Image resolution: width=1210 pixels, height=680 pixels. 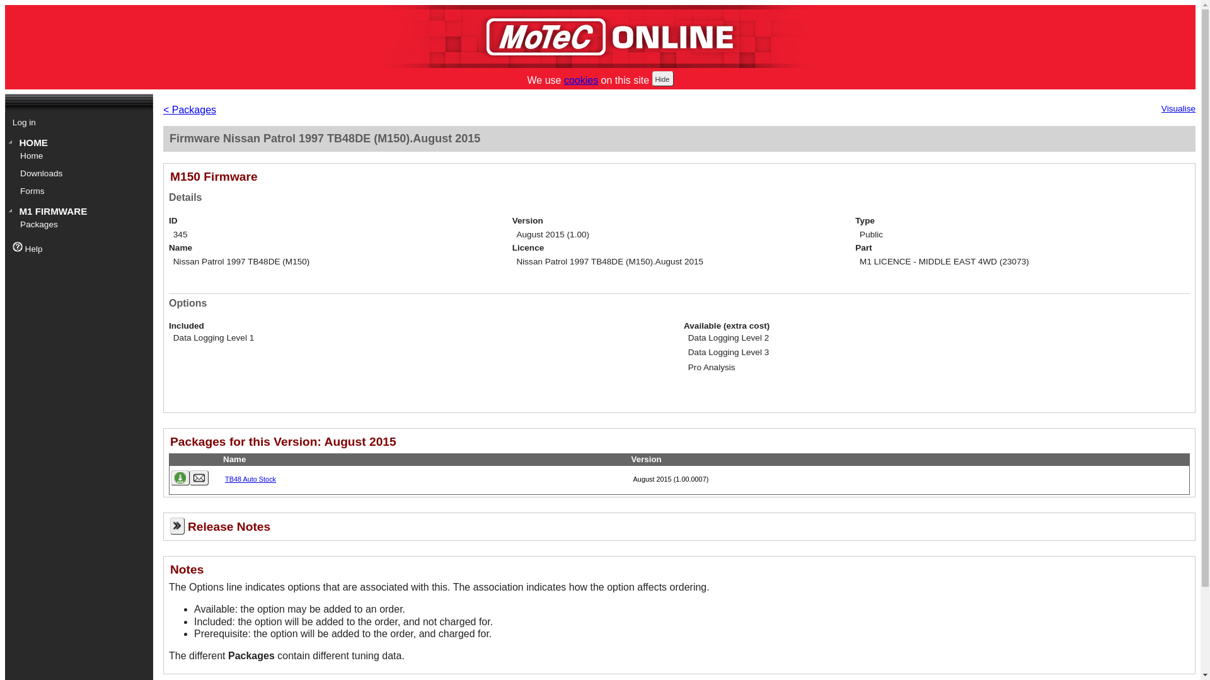 What do you see at coordinates (81, 156) in the screenshot?
I see `'Home'` at bounding box center [81, 156].